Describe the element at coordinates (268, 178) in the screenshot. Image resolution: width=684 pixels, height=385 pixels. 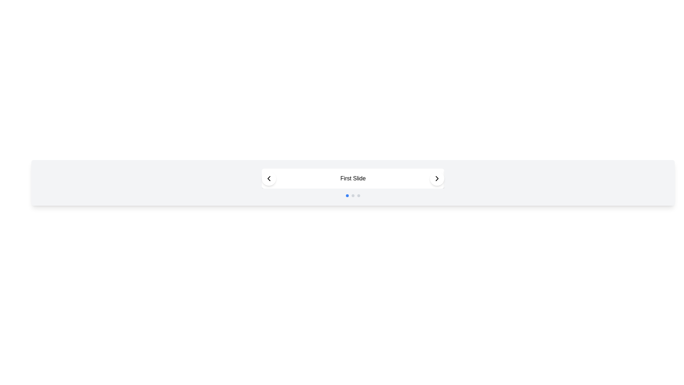
I see `the left-facing arrow icon button within a circular button` at that location.